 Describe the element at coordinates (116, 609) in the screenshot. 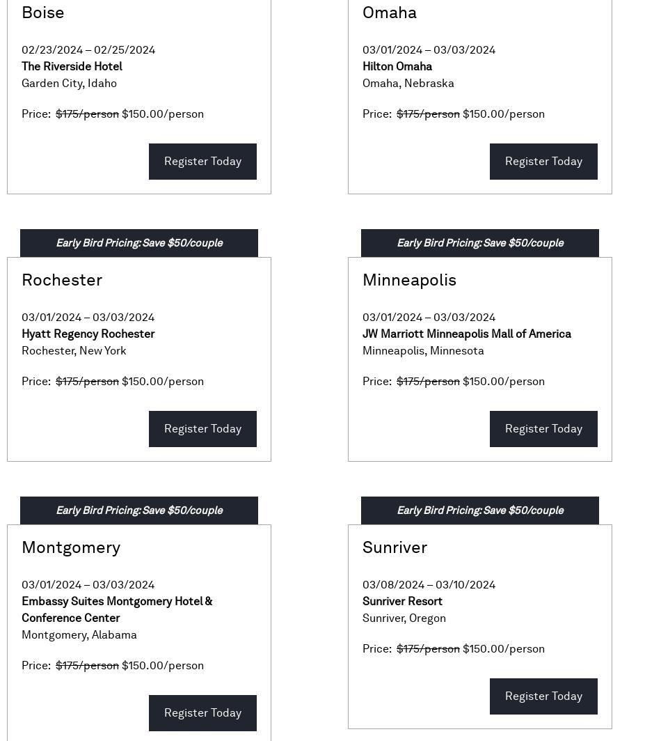

I see `'Embassy Suites Montgomery Hotel & Conference Center'` at that location.